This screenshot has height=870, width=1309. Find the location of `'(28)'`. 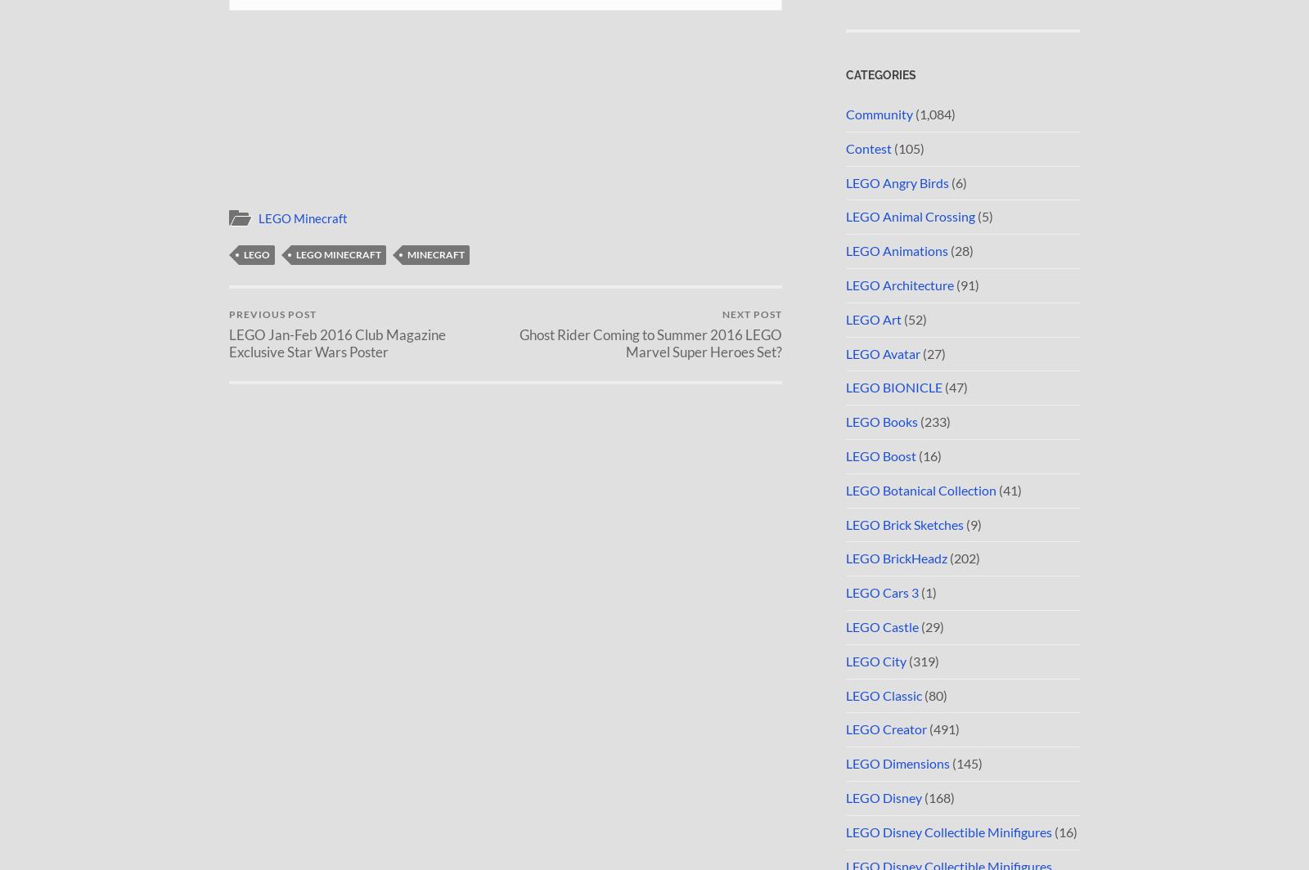

'(28)' is located at coordinates (960, 250).